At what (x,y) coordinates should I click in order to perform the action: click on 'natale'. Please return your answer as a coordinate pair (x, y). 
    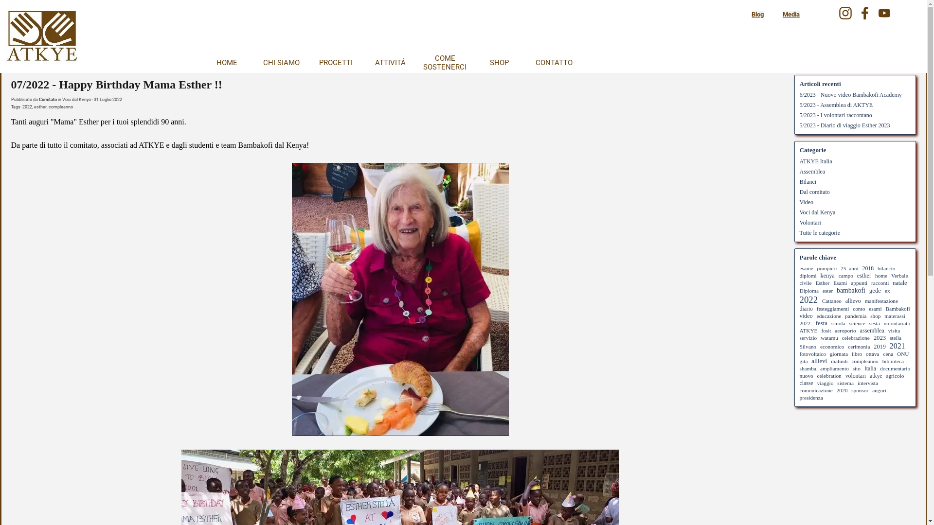
    Looking at the image, I should click on (899, 283).